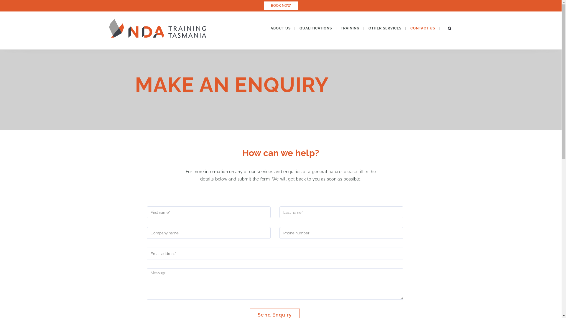 The width and height of the screenshot is (566, 318). Describe the element at coordinates (294, 28) in the screenshot. I see `'QUALIFICATIONS'` at that location.